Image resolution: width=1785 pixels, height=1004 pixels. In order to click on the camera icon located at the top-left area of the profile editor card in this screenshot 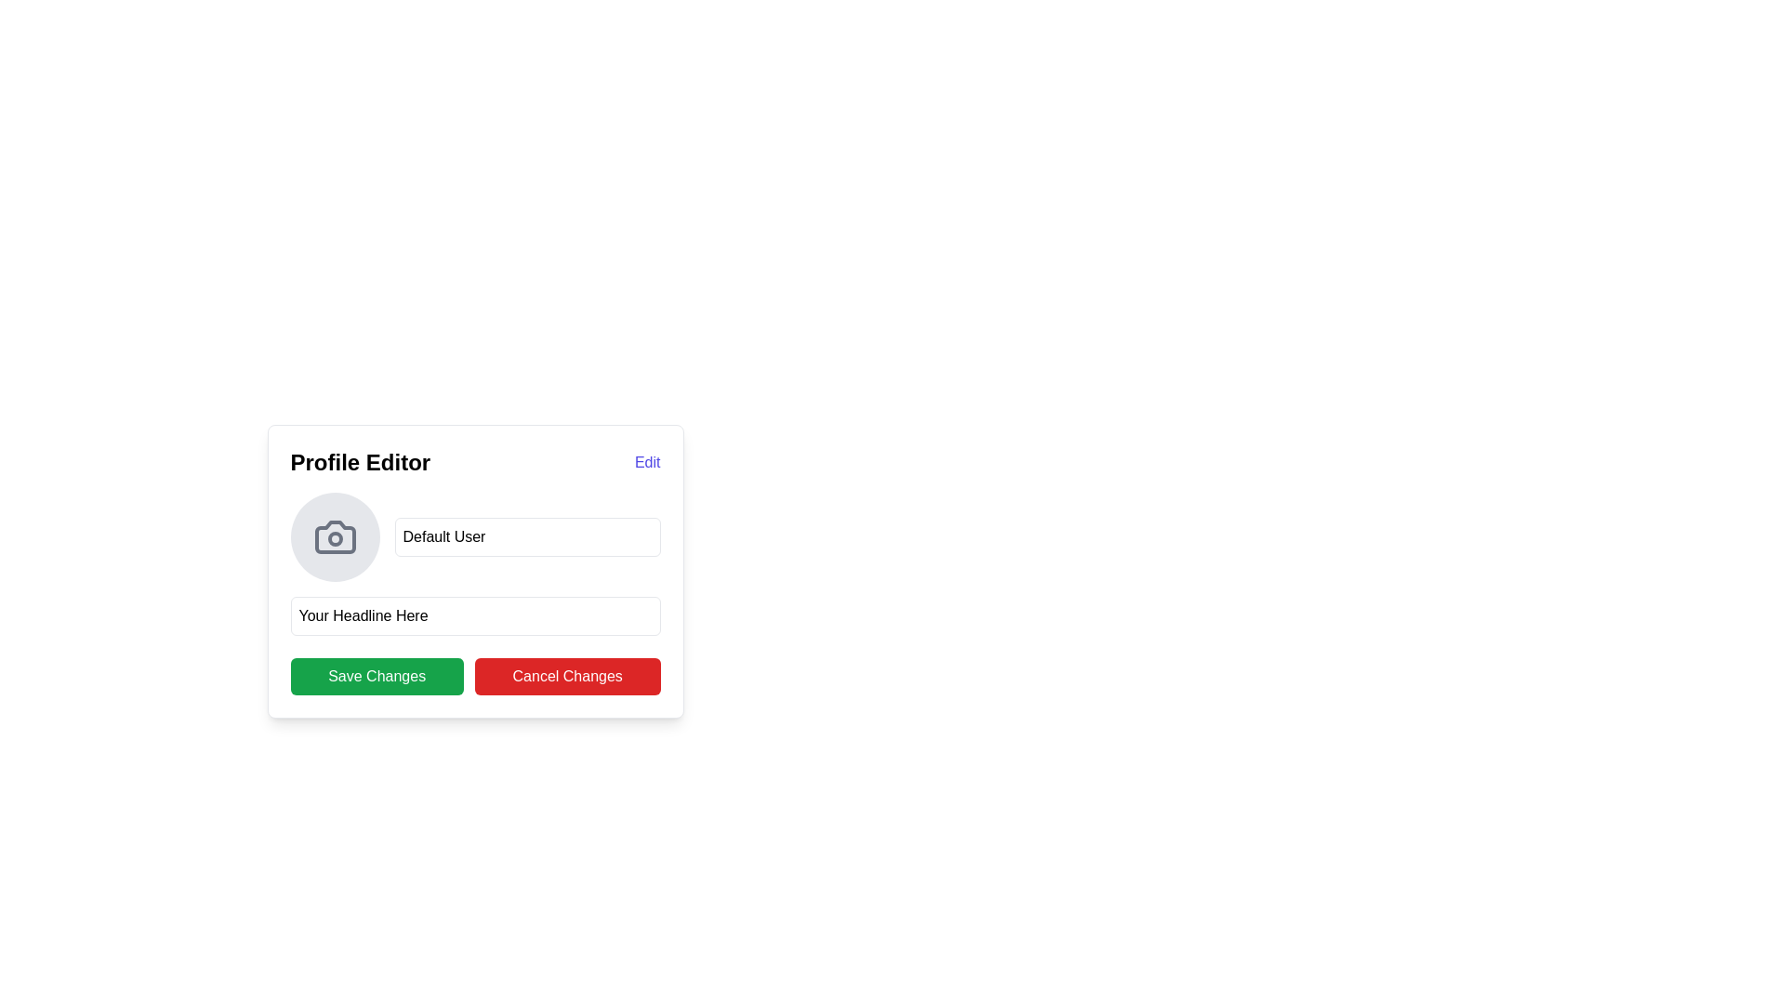, I will do `click(335, 537)`.